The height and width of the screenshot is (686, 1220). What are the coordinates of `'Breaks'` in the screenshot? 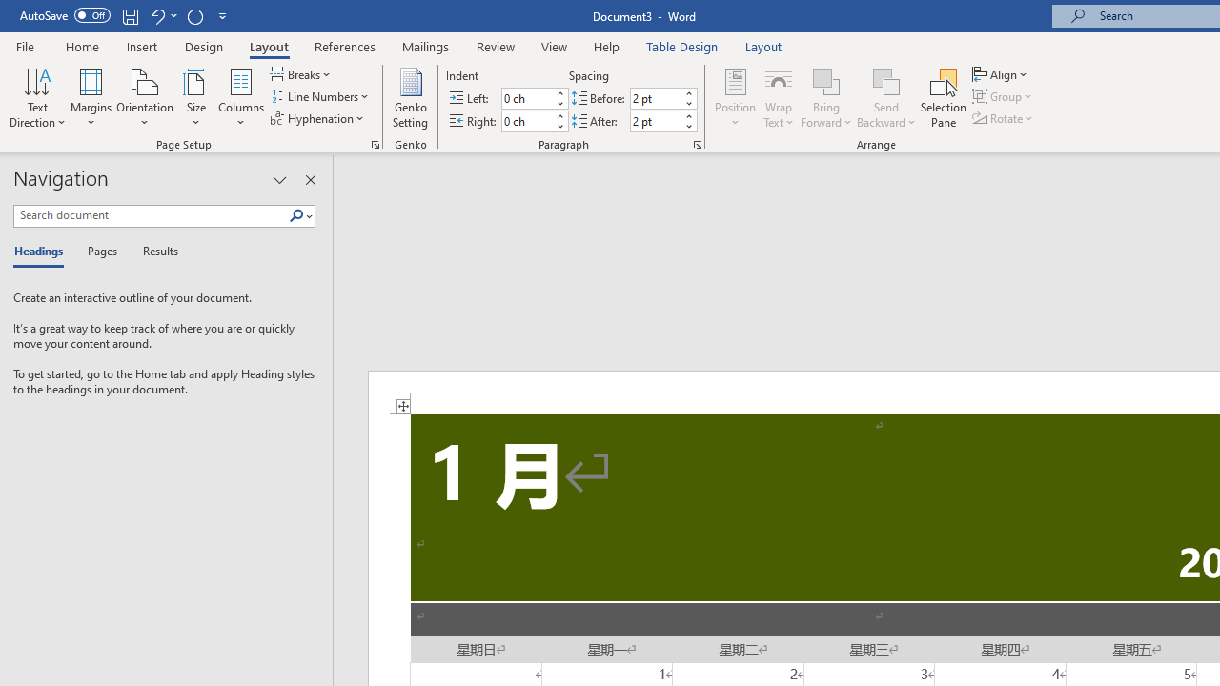 It's located at (301, 73).